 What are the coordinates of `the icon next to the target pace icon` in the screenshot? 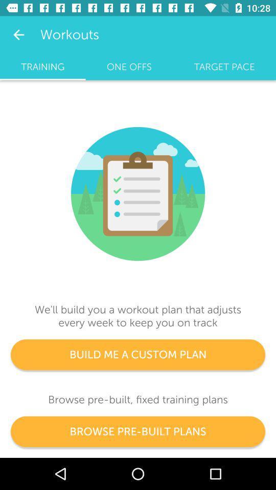 It's located at (129, 66).